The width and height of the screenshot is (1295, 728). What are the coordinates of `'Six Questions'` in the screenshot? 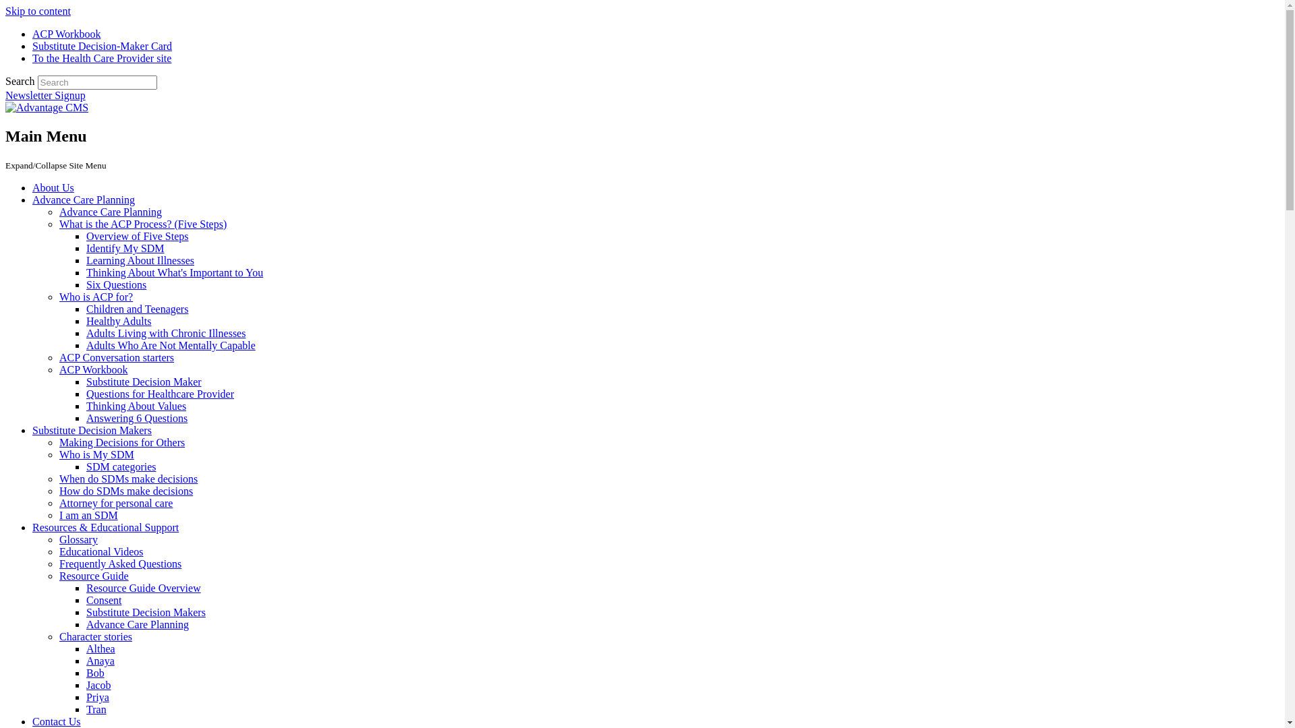 It's located at (116, 284).